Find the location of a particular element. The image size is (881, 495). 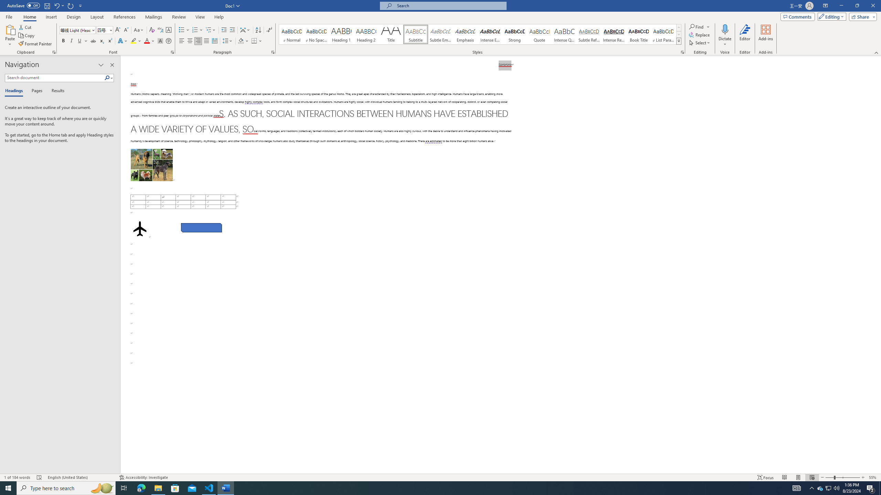

'Intense Emphasis' is located at coordinates (489, 34).